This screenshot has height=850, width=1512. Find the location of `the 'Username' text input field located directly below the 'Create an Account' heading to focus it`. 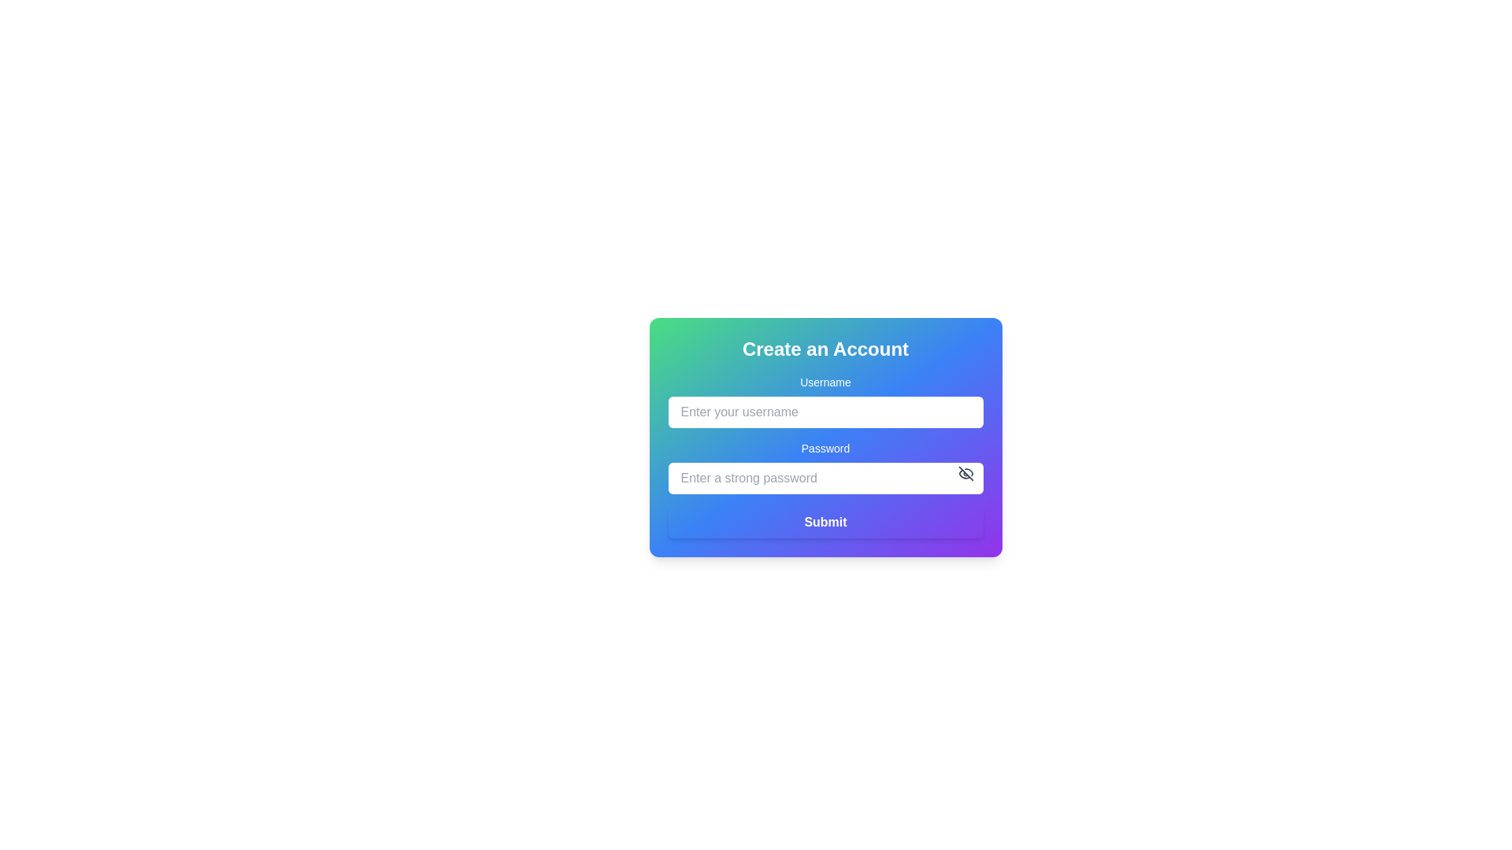

the 'Username' text input field located directly below the 'Create an Account' heading to focus it is located at coordinates (825, 400).